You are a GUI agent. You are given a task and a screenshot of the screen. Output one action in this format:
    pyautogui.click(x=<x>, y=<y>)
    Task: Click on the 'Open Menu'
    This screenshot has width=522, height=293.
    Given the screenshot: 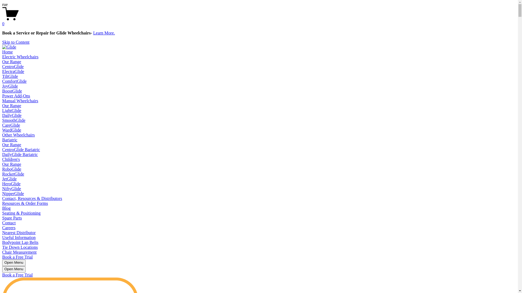 What is the action you would take?
    pyautogui.click(x=14, y=269)
    